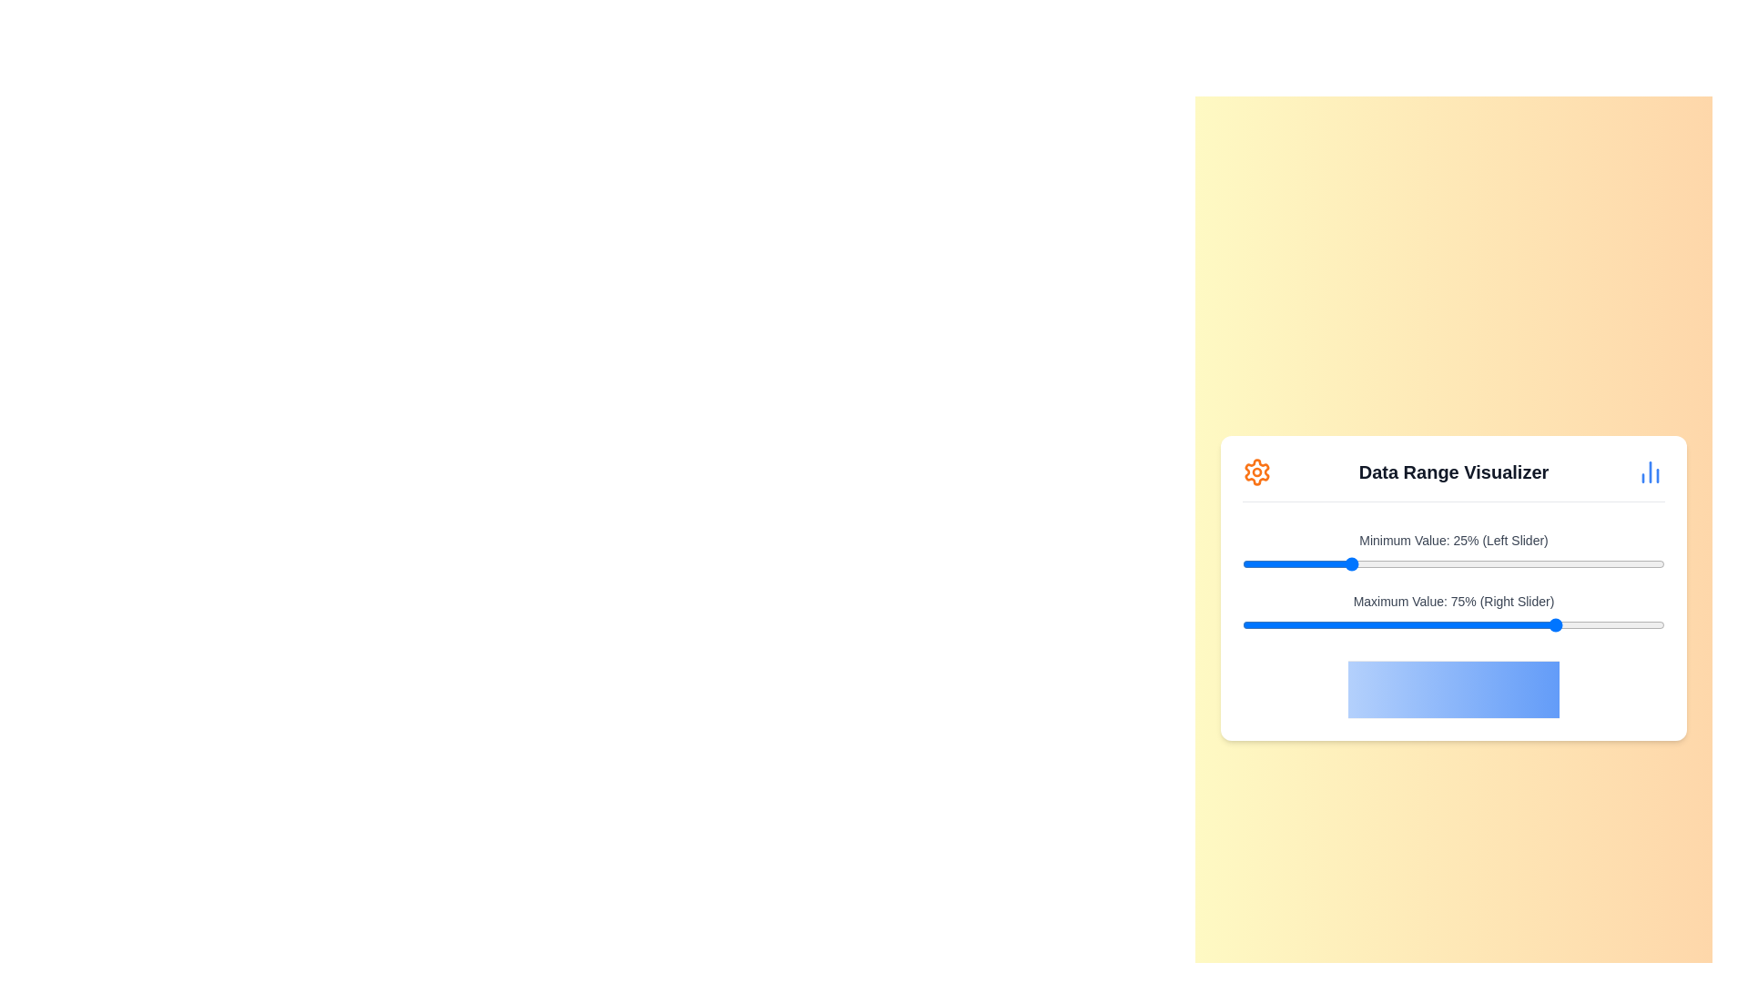 The height and width of the screenshot is (983, 1748). Describe the element at coordinates (1525, 562) in the screenshot. I see `the left slider` at that location.